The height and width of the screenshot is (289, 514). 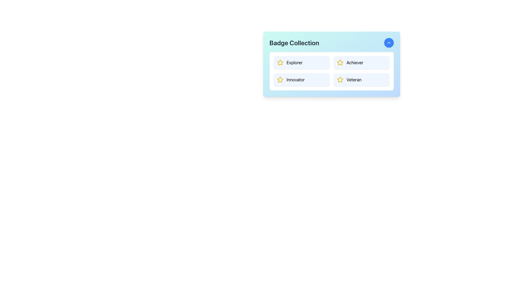 I want to click on the expand/contract icon located inside the blue circular button at the top-right corner of the 'Badge Collection' card, so click(x=389, y=42).